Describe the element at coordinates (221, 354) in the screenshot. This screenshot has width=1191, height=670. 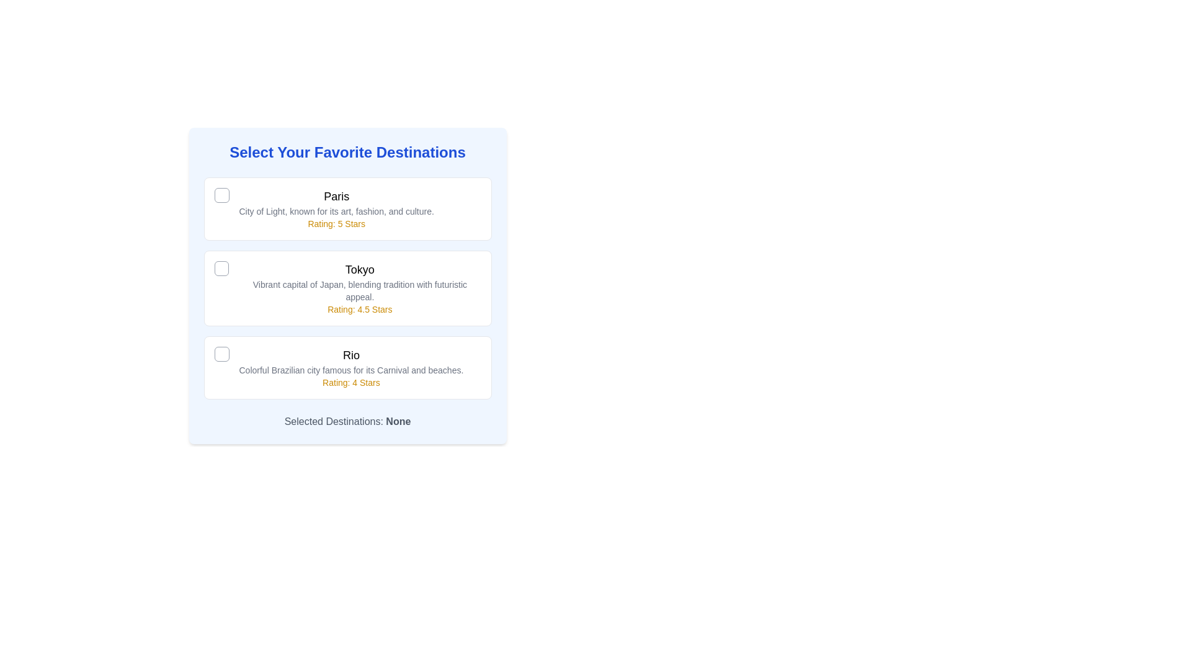
I see `the checkbox-like UI component` at that location.